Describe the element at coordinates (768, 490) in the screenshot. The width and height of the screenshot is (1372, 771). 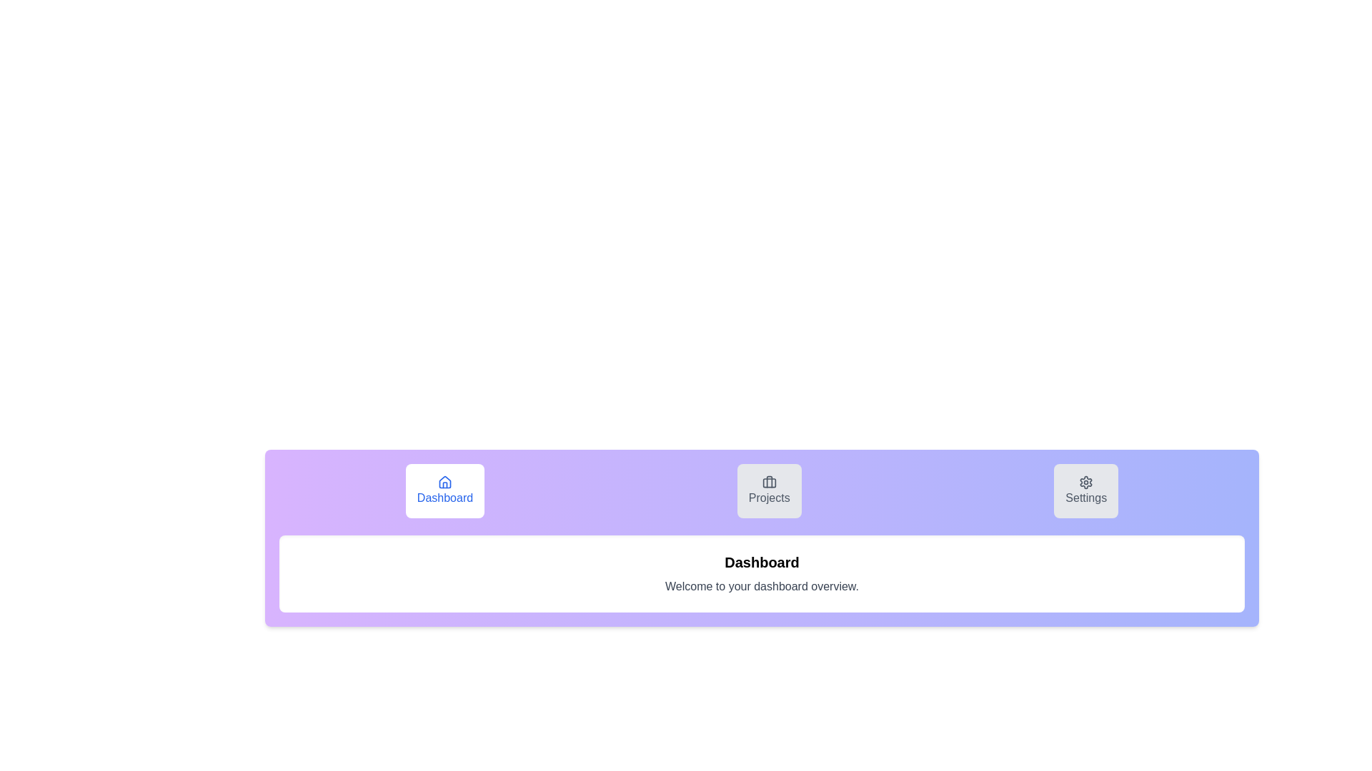
I see `the Projects tab by clicking on its button` at that location.